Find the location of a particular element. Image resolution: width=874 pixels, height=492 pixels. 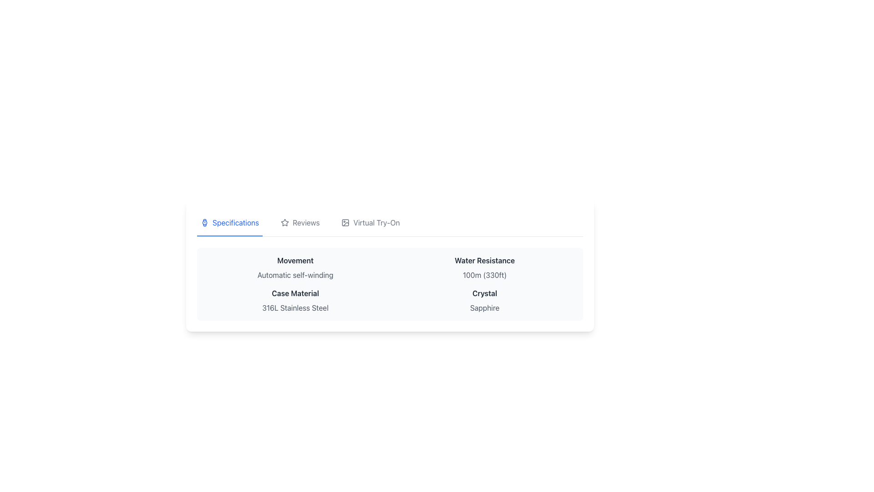

informational text block displaying 'Case Material' and '316L Stainless Steel' located in the left column, third row of the layout is located at coordinates (295, 300).